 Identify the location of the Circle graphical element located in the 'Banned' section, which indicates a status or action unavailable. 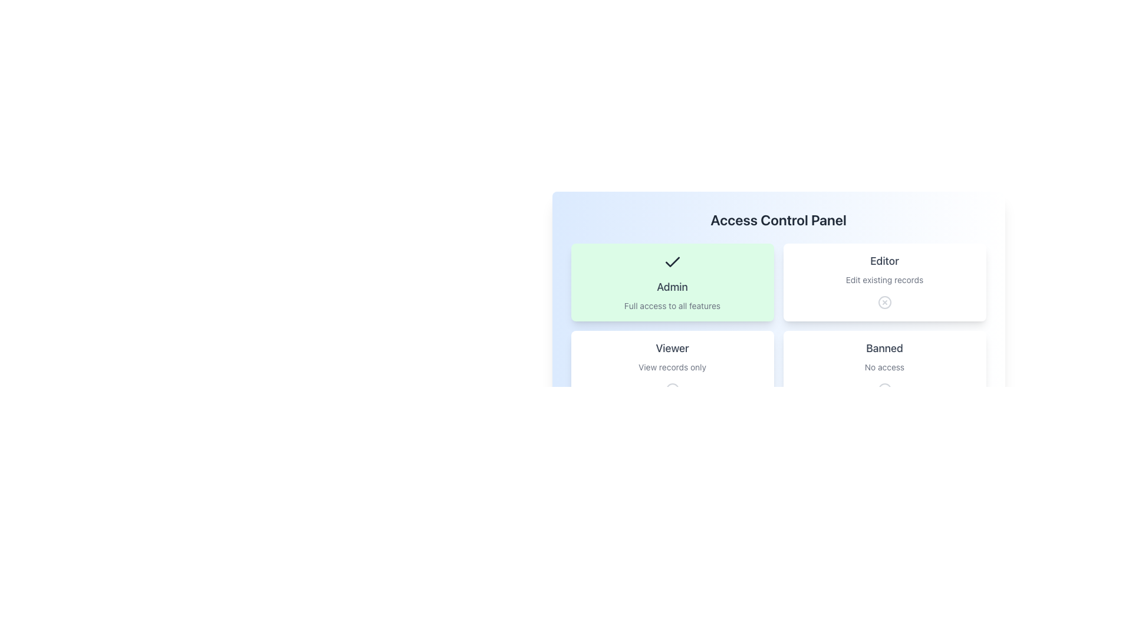
(884, 389).